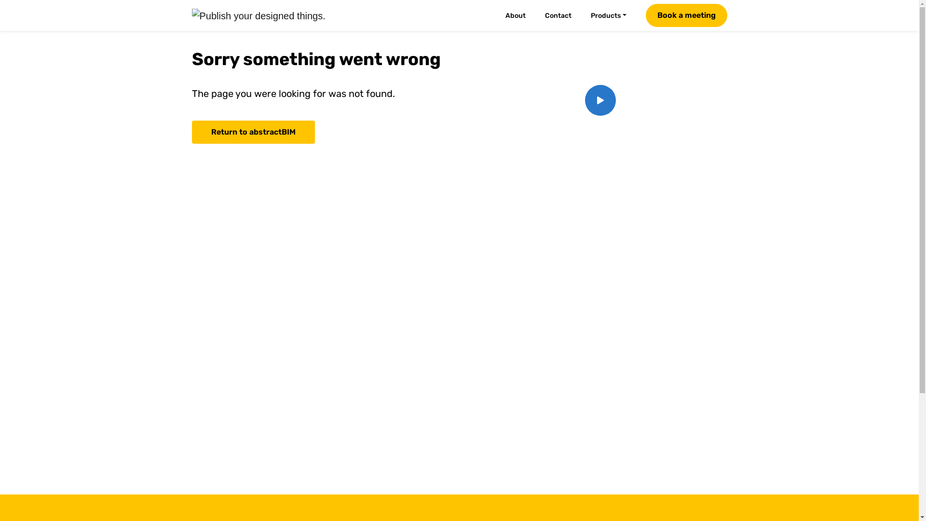 Image resolution: width=926 pixels, height=521 pixels. I want to click on 'Products', so click(613, 15).